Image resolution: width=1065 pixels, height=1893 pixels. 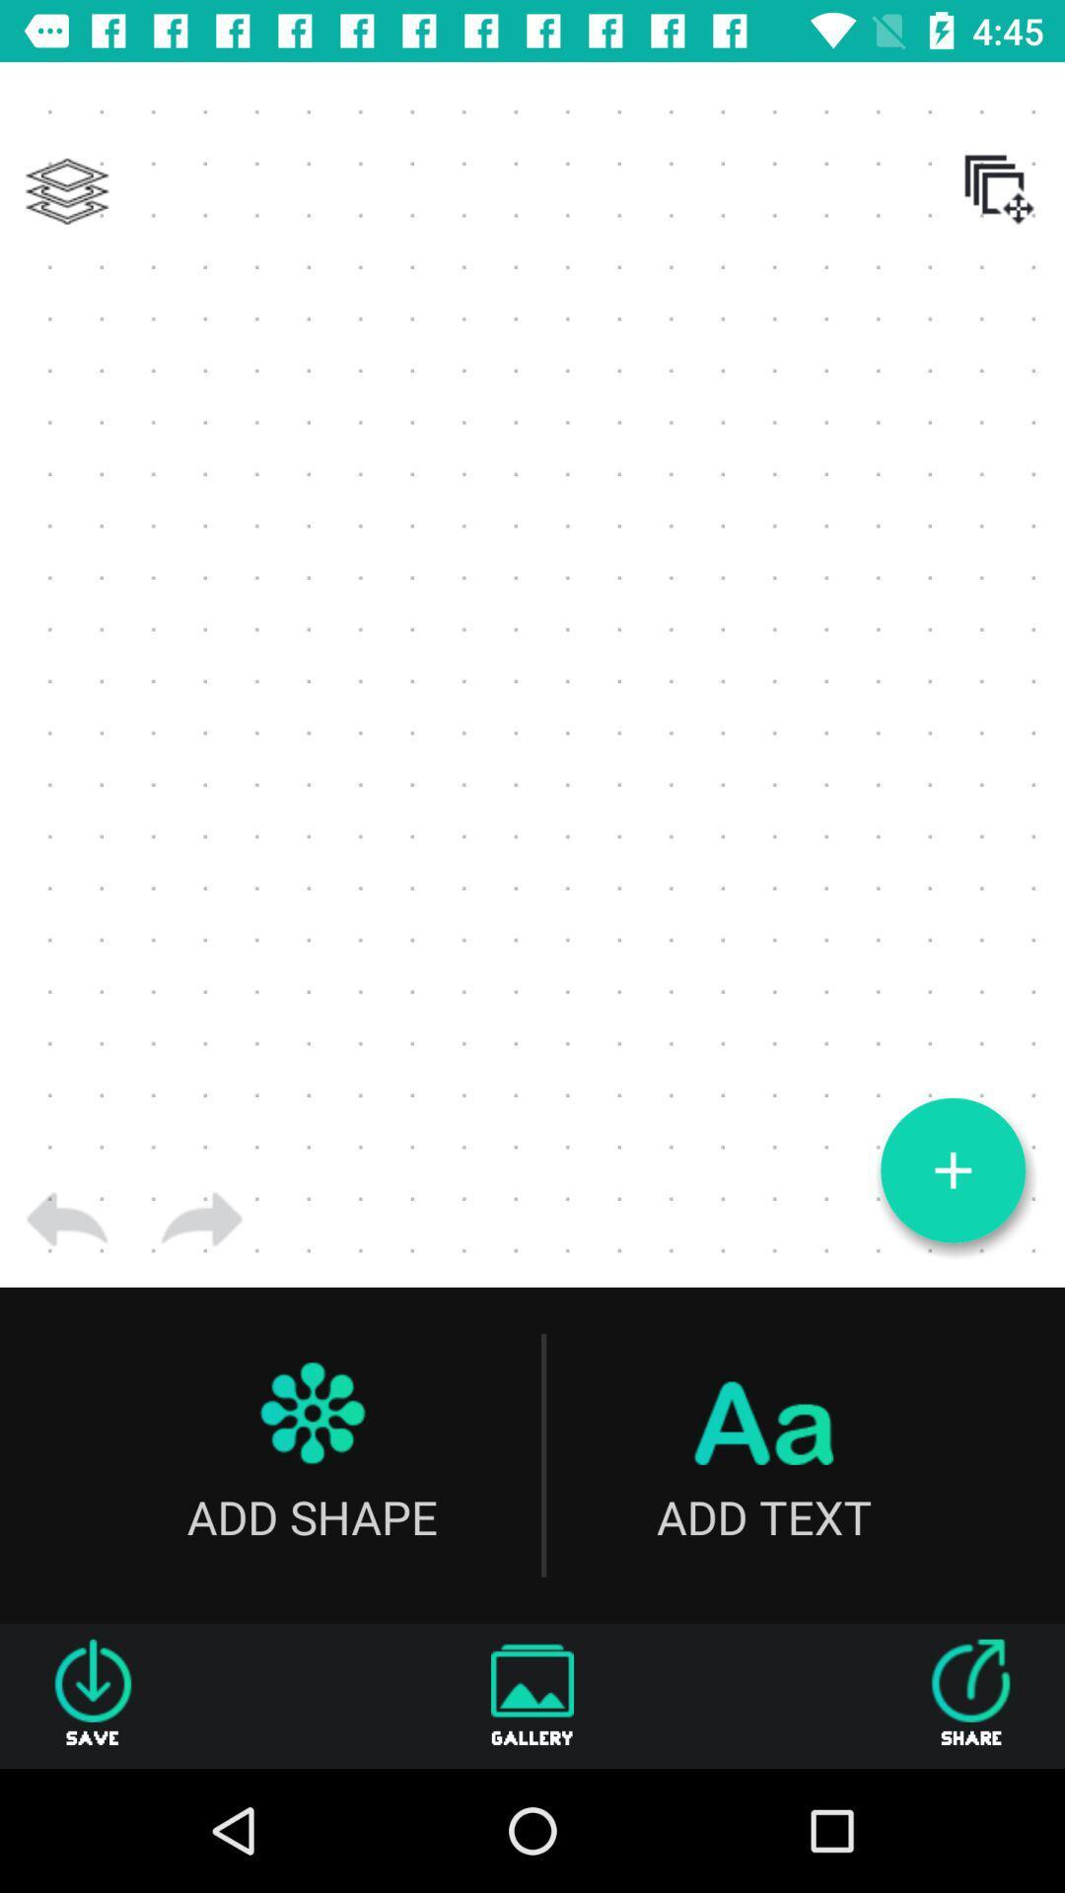 I want to click on the icon to the left of the gallery, so click(x=93, y=1695).